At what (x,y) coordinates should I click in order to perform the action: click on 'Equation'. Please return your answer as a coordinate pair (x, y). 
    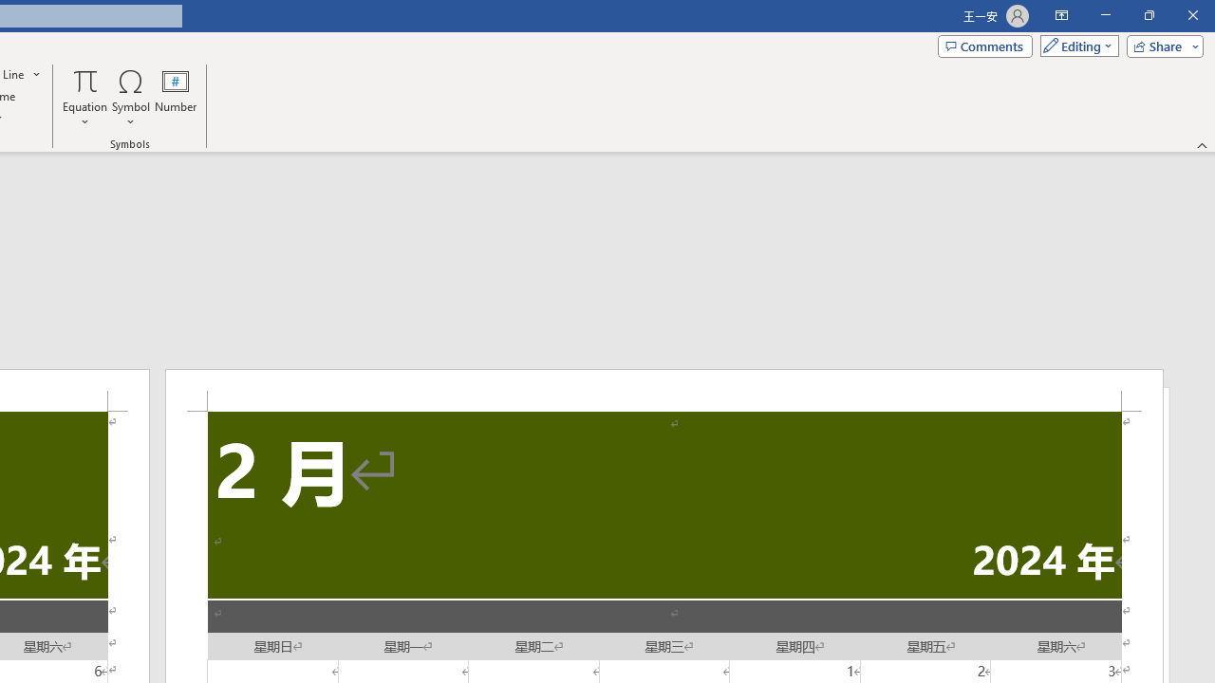
    Looking at the image, I should click on (84, 80).